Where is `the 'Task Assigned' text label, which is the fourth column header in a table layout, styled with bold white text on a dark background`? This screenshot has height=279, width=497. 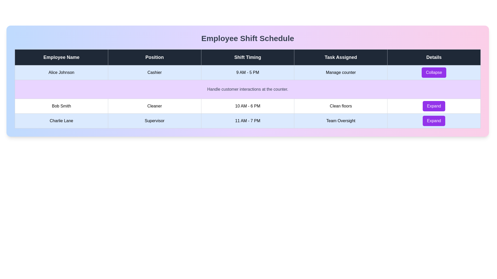
the 'Task Assigned' text label, which is the fourth column header in a table layout, styled with bold white text on a dark background is located at coordinates (341, 57).